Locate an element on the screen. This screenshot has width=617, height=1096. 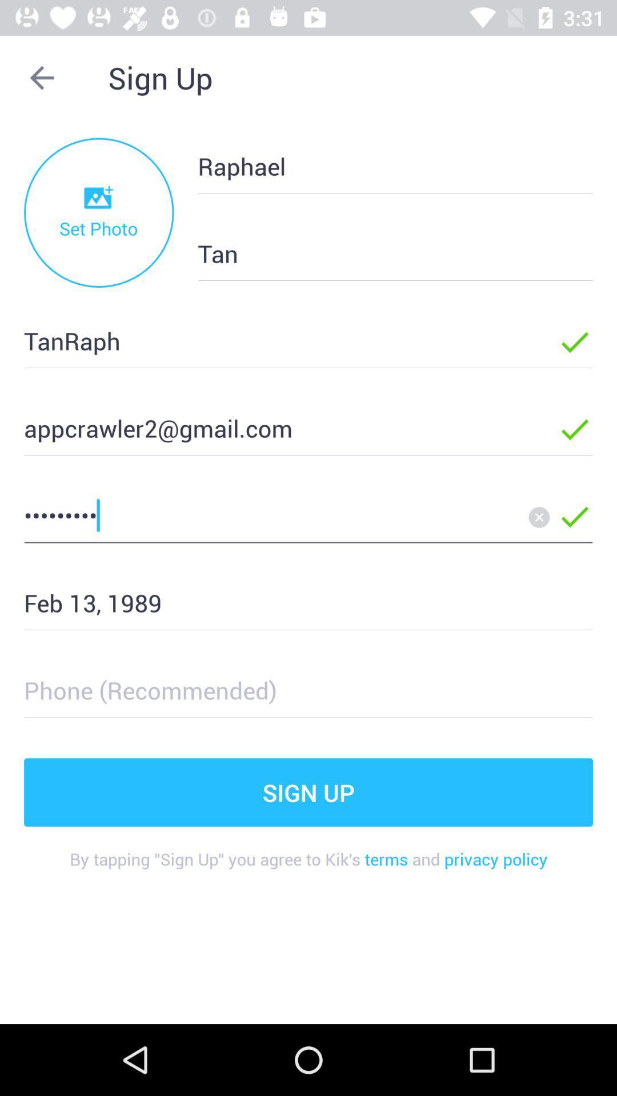
crowd3116 is located at coordinates (273, 514).